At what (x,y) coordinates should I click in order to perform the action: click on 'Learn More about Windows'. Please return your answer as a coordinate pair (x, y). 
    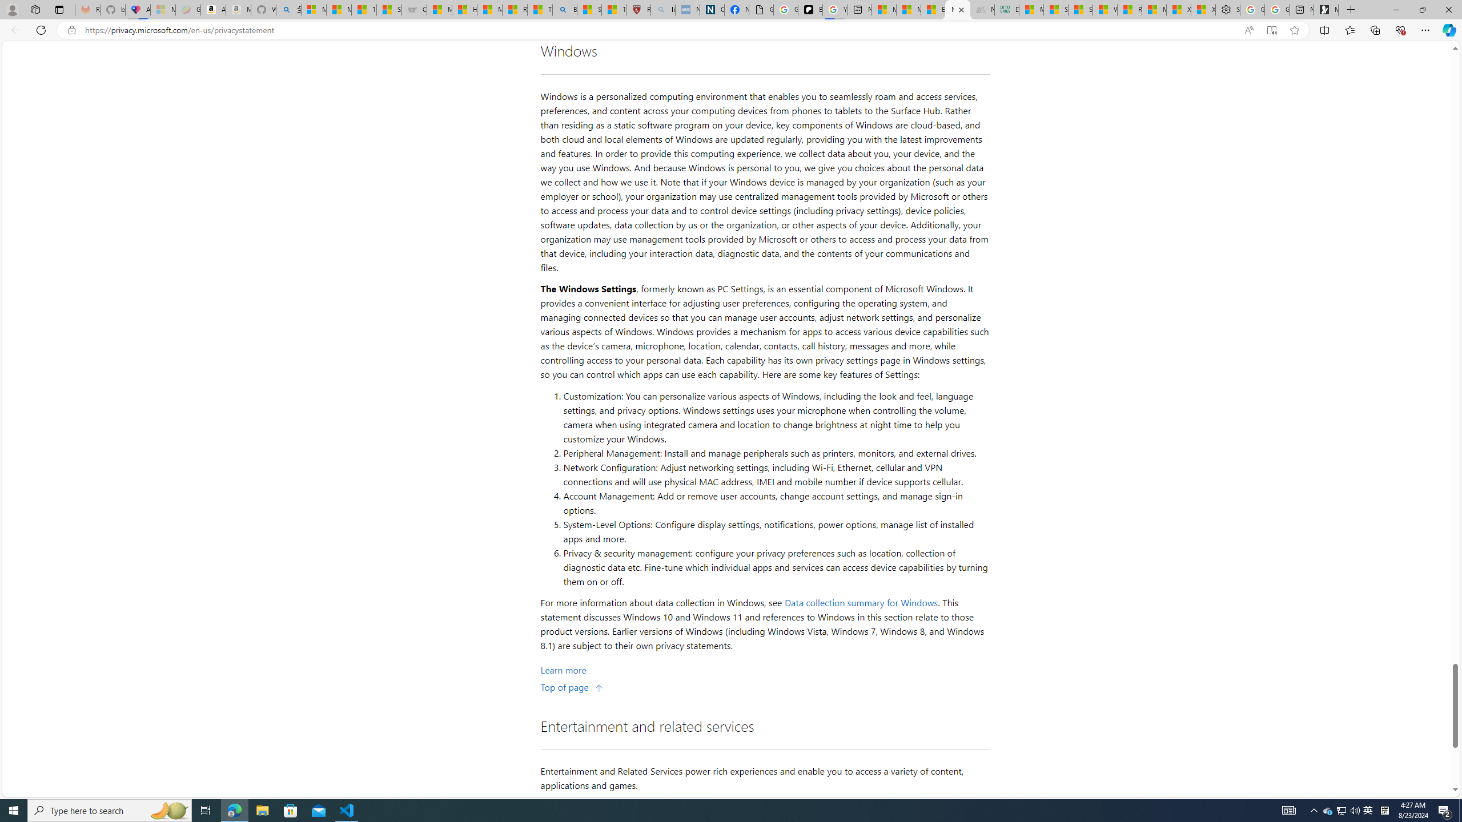
    Looking at the image, I should click on (563, 669).